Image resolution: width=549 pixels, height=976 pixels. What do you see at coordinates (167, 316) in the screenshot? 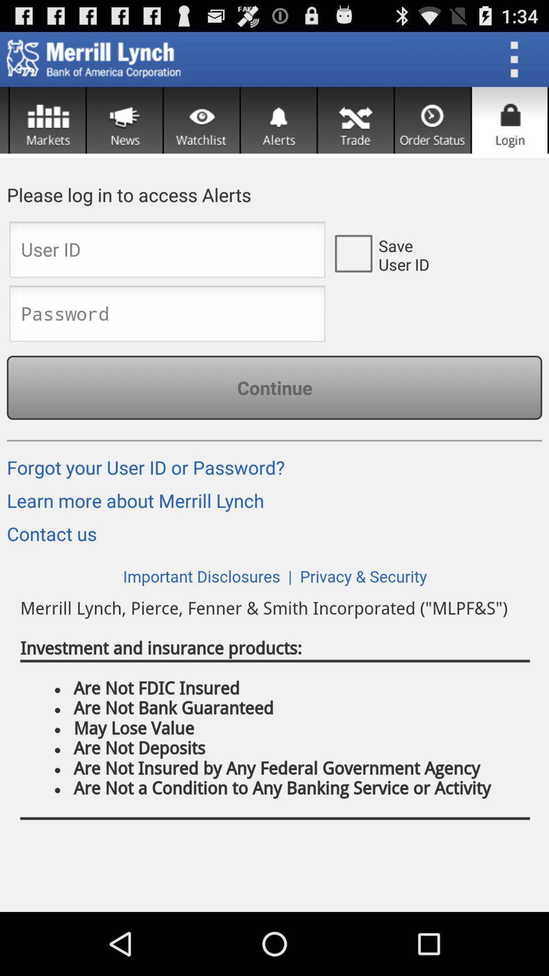
I see `password page` at bounding box center [167, 316].